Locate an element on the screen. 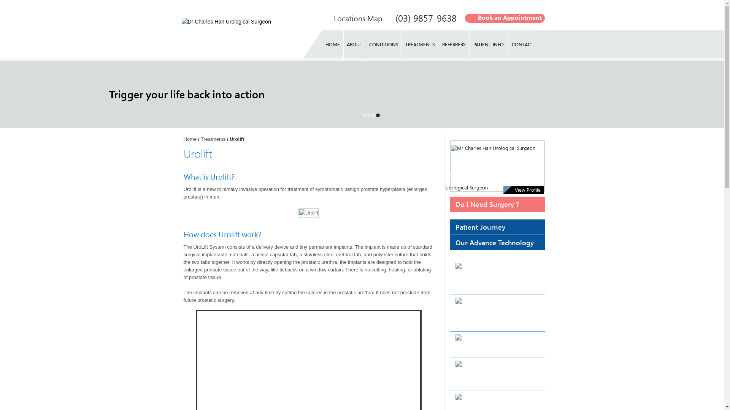  'CONDITIONS' is located at coordinates (383, 44).